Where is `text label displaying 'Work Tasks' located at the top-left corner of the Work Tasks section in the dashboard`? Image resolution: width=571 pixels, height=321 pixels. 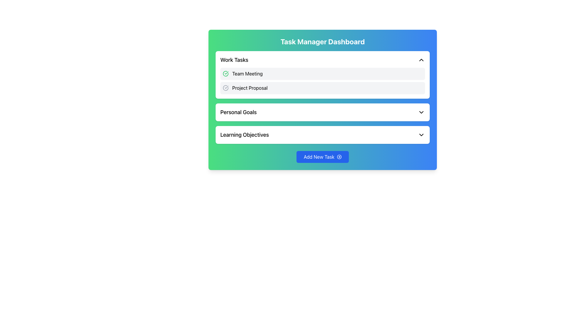
text label displaying 'Work Tasks' located at the top-left corner of the Work Tasks section in the dashboard is located at coordinates (234, 60).